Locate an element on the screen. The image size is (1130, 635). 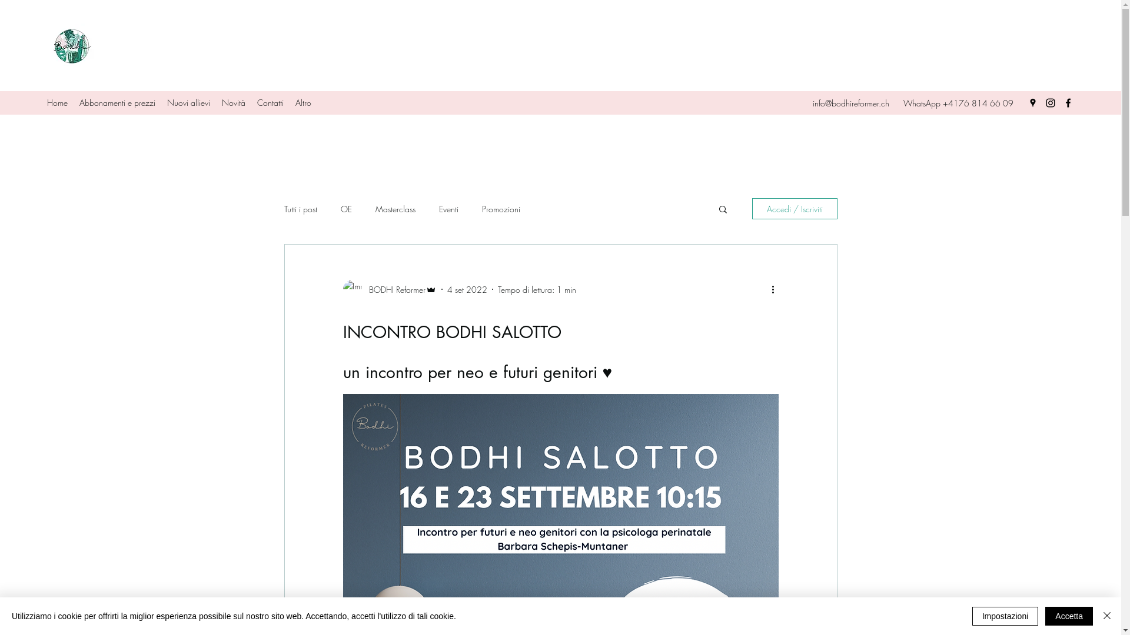
'Home' is located at coordinates (56, 102).